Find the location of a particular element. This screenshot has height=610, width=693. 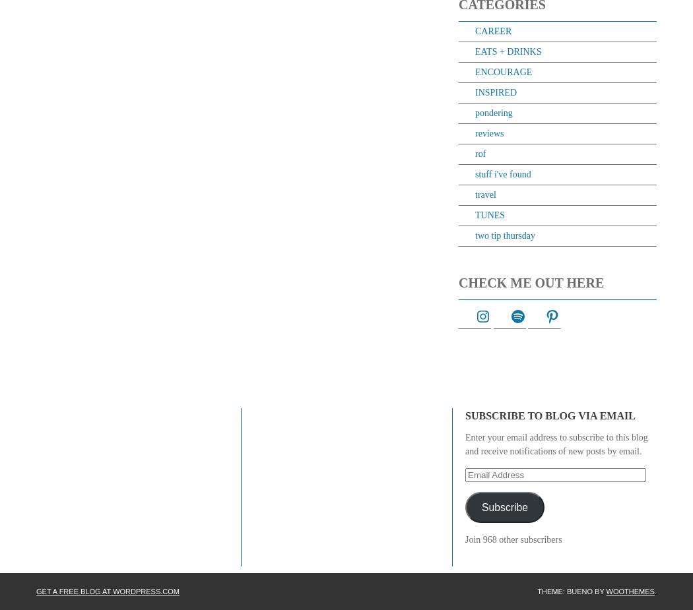

'WooThemes' is located at coordinates (606, 591).